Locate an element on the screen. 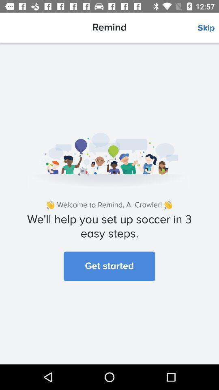 The image size is (219, 390). get started is located at coordinates (109, 266).